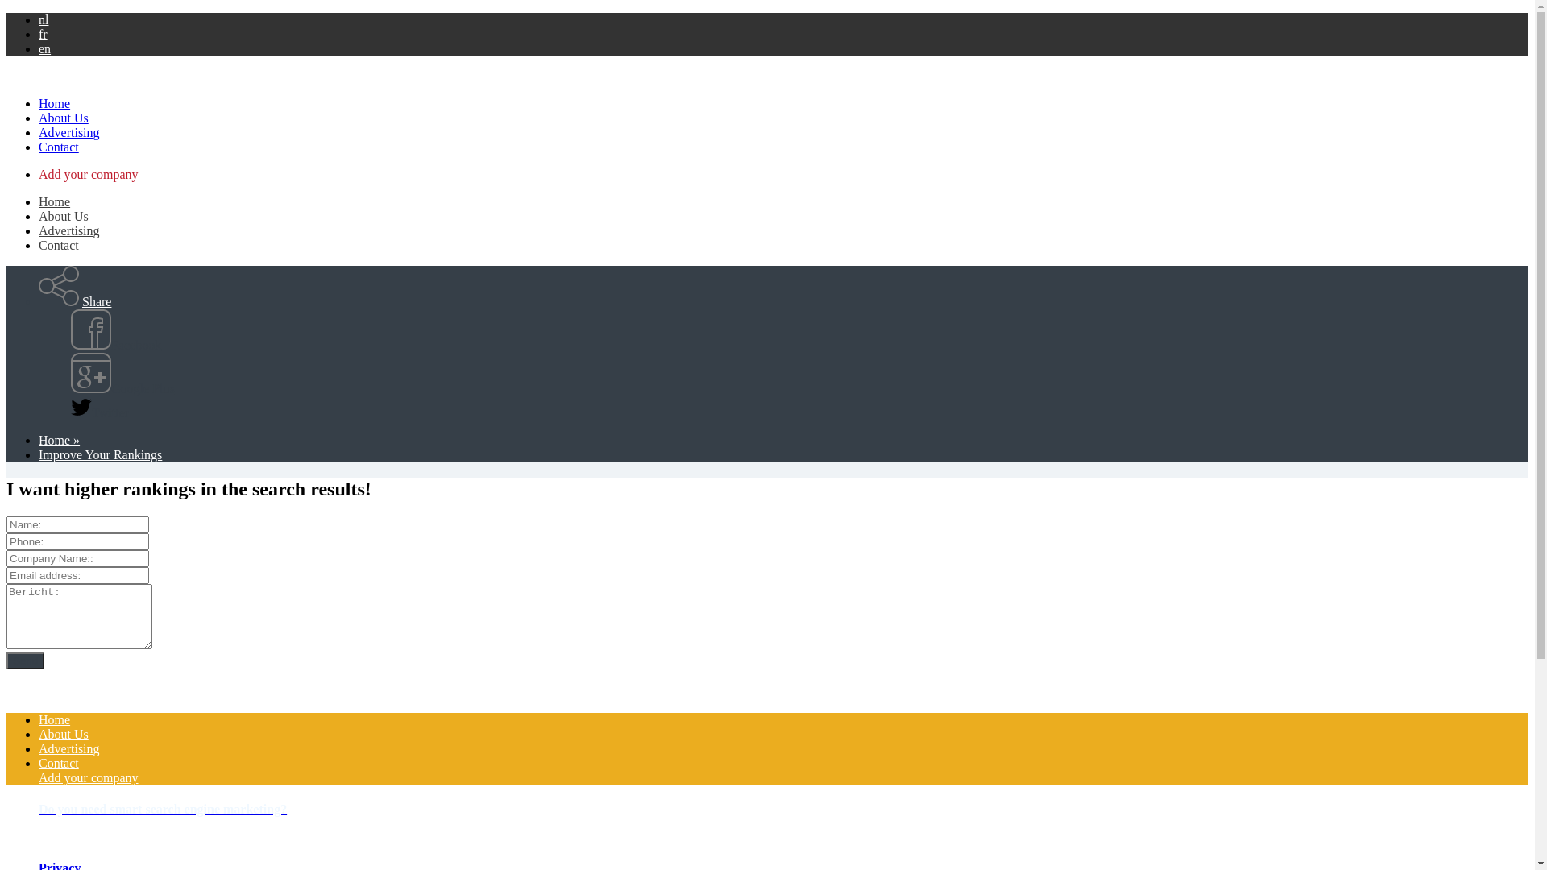 This screenshot has height=870, width=1547. I want to click on 'en', so click(44, 48).